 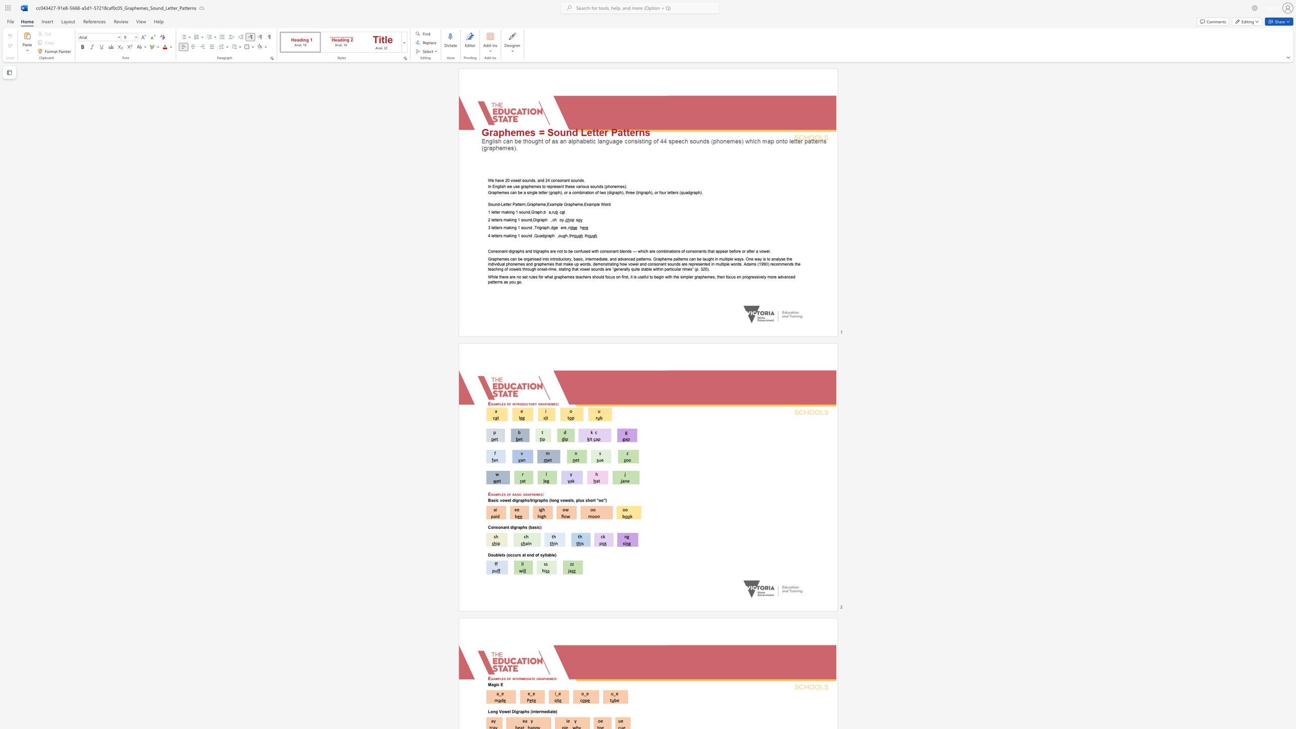 What do you see at coordinates (495, 220) in the screenshot?
I see `the subset text "tters making" within the text "2 letters making 1 sound,Digraph      , ch    oy ,"` at bounding box center [495, 220].